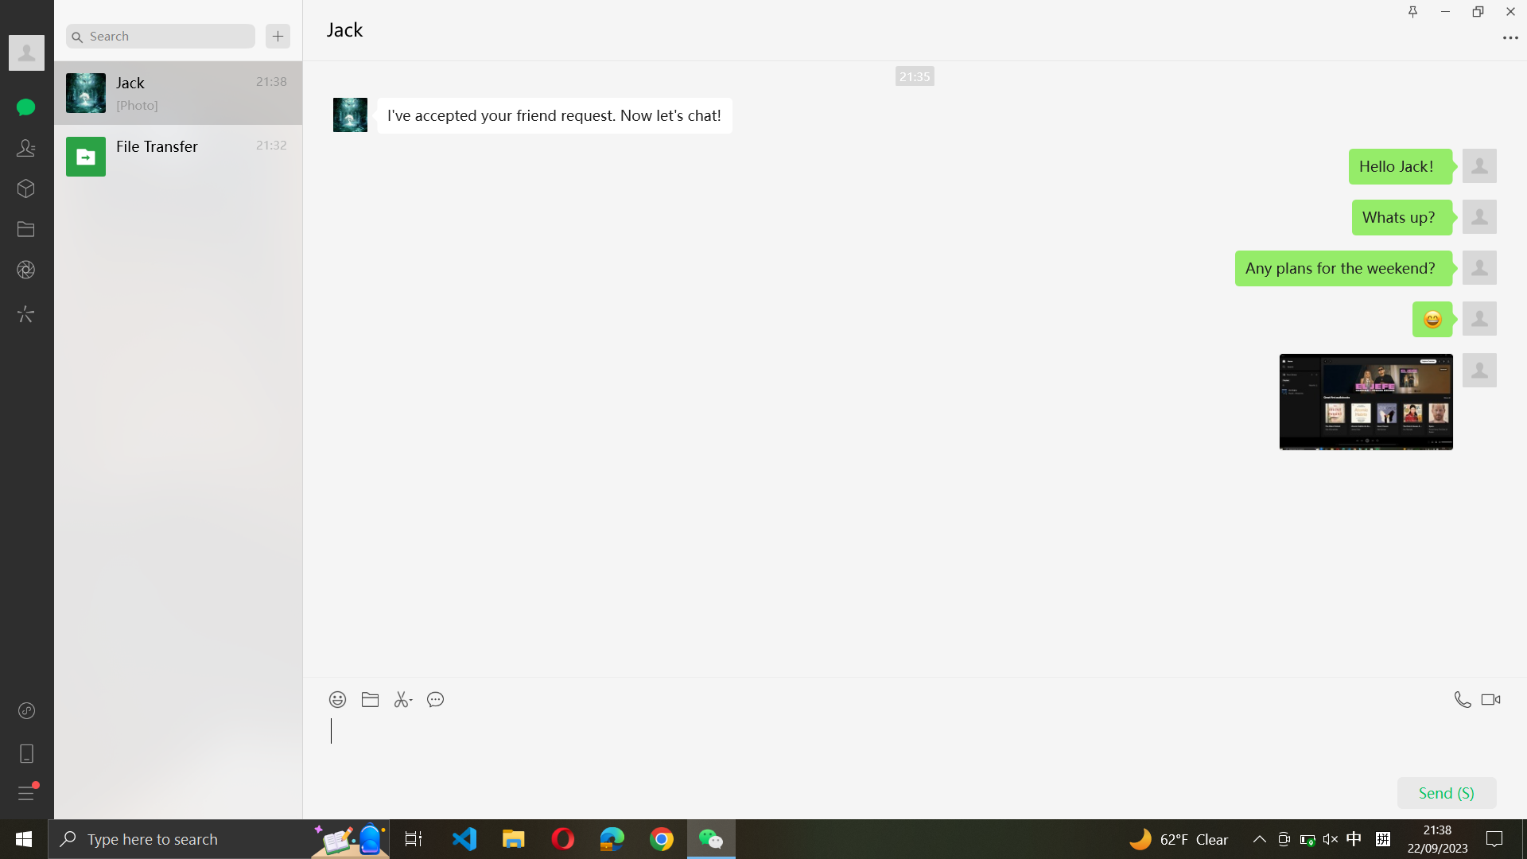 This screenshot has width=1527, height=859. Describe the element at coordinates (26, 147) in the screenshot. I see `Visit the contacts page and select the second contact from the list` at that location.